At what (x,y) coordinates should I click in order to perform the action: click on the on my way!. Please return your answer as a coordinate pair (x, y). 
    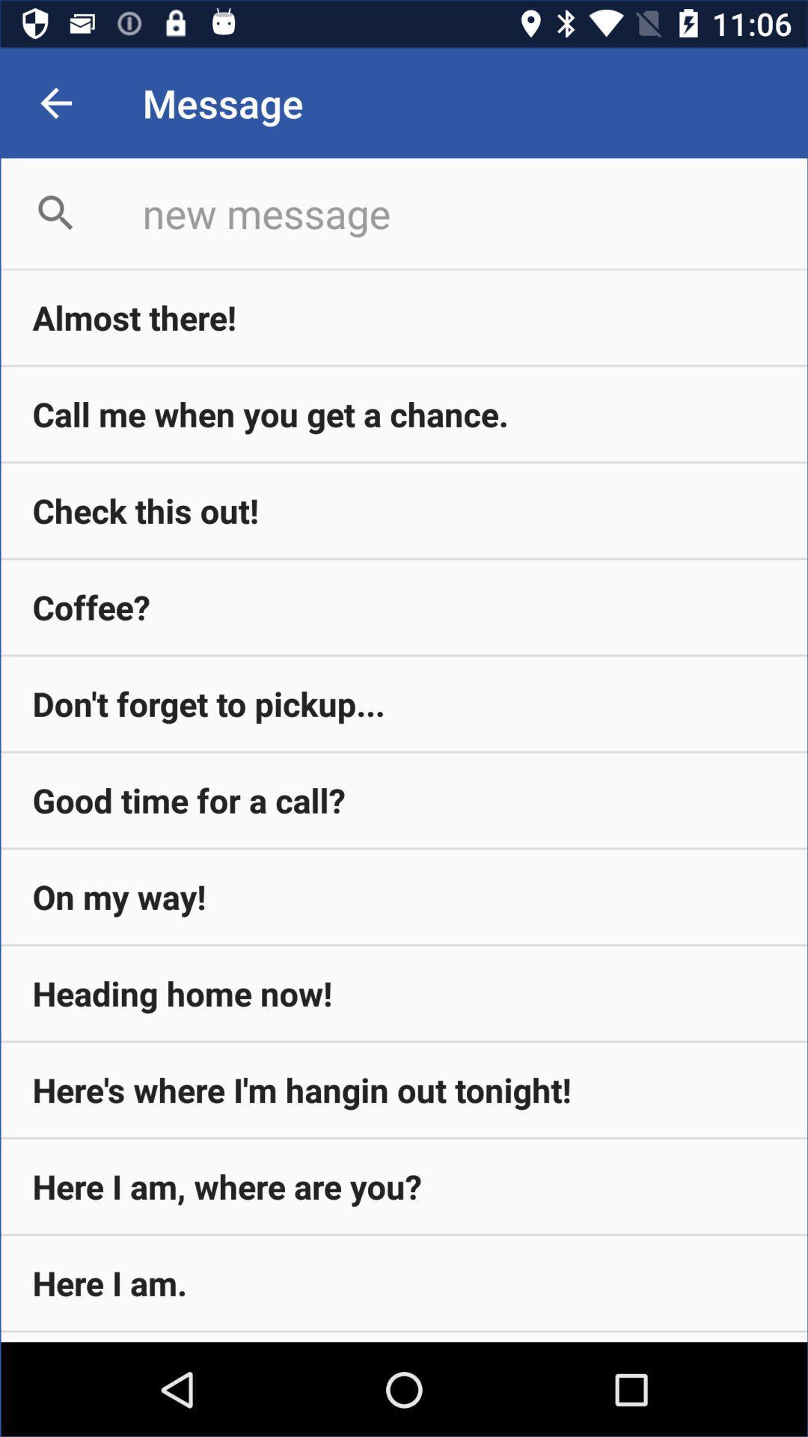
    Looking at the image, I should click on (404, 897).